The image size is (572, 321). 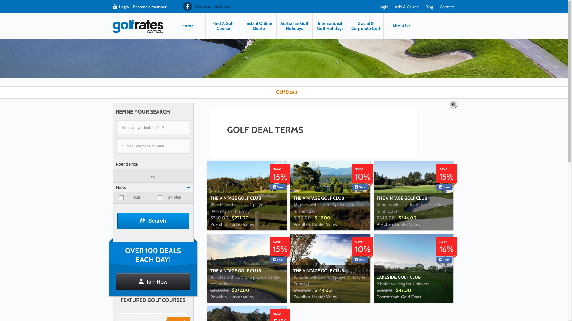 I want to click on 'save, so click(x=436, y=175).